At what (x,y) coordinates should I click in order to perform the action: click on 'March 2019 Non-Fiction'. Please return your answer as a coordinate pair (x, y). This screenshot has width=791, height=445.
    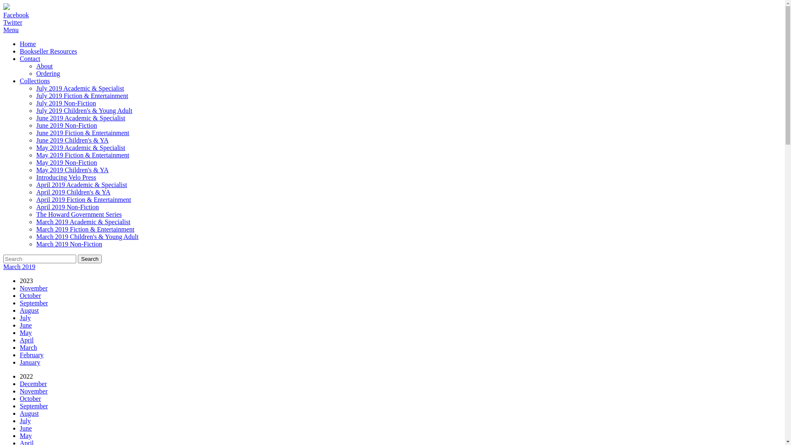
    Looking at the image, I should click on (69, 244).